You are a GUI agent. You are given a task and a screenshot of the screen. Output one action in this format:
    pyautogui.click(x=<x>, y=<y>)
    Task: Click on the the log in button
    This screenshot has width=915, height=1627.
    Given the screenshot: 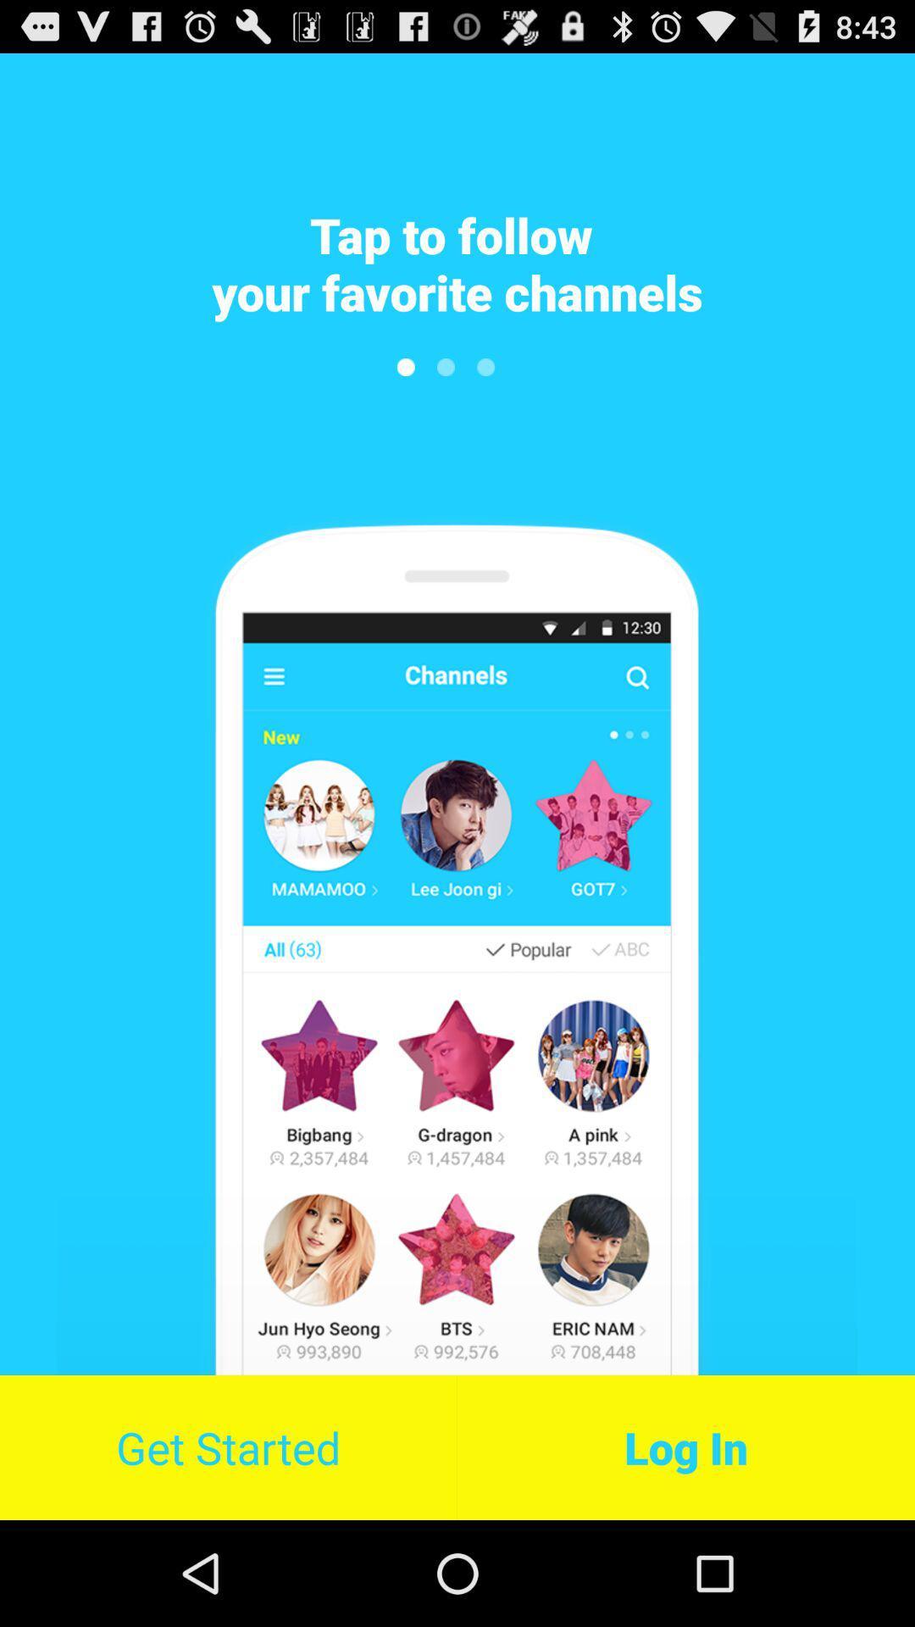 What is the action you would take?
    pyautogui.click(x=686, y=1447)
    